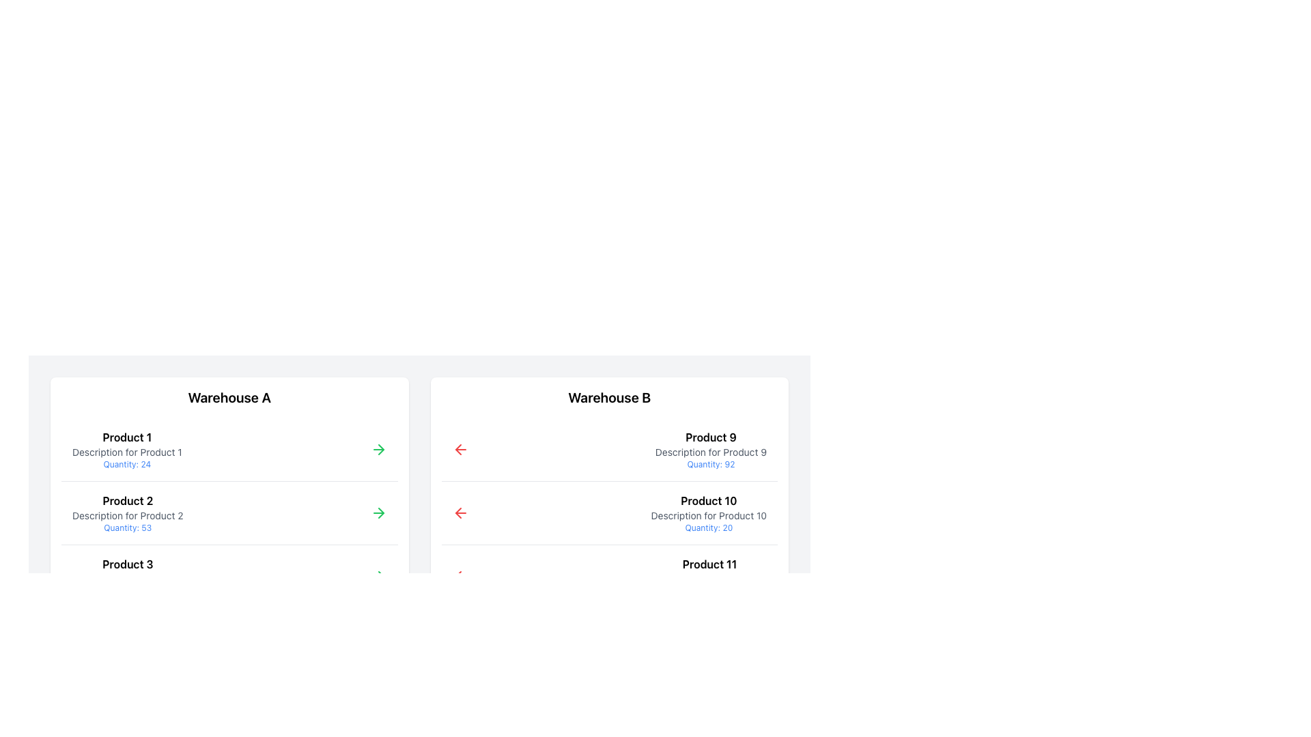 This screenshot has width=1311, height=737. Describe the element at coordinates (710, 450) in the screenshot. I see `details of the Text block displaying the description and available quantity for Product 9, which is the first product listed under Warehouse B` at that location.